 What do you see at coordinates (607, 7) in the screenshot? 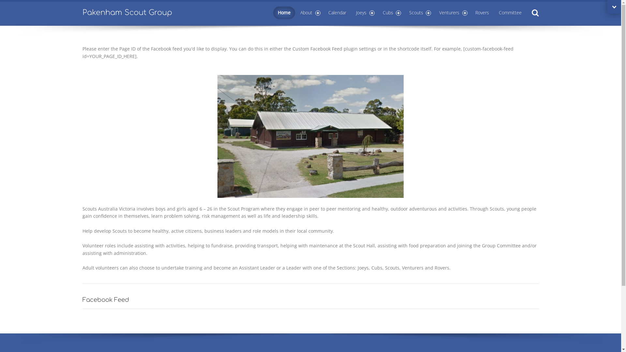
I see `'Open extra topbar'` at bounding box center [607, 7].